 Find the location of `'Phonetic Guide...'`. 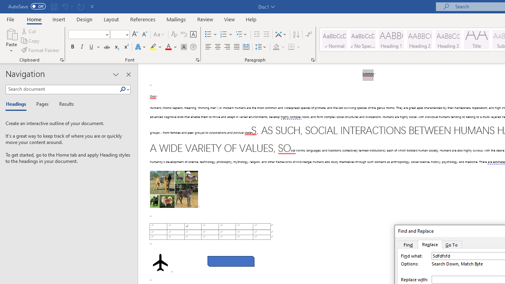

'Phonetic Guide...' is located at coordinates (183, 34).